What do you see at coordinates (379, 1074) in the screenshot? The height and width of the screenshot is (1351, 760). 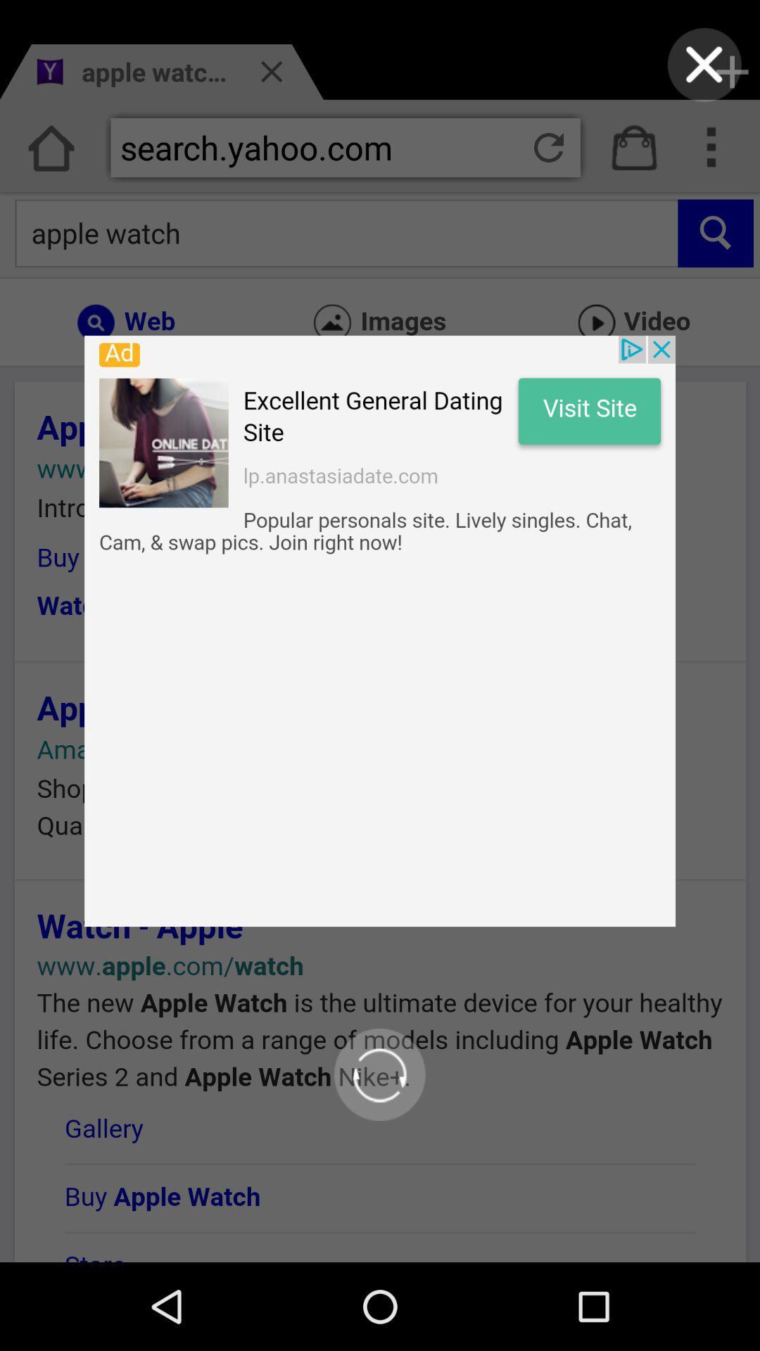 I see `refresh page` at bounding box center [379, 1074].